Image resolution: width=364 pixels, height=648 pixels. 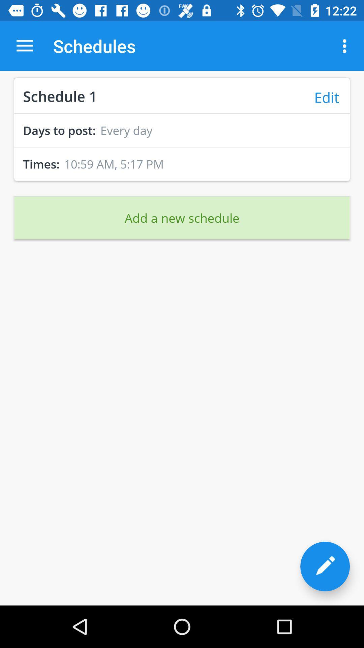 I want to click on add a new icon, so click(x=182, y=218).